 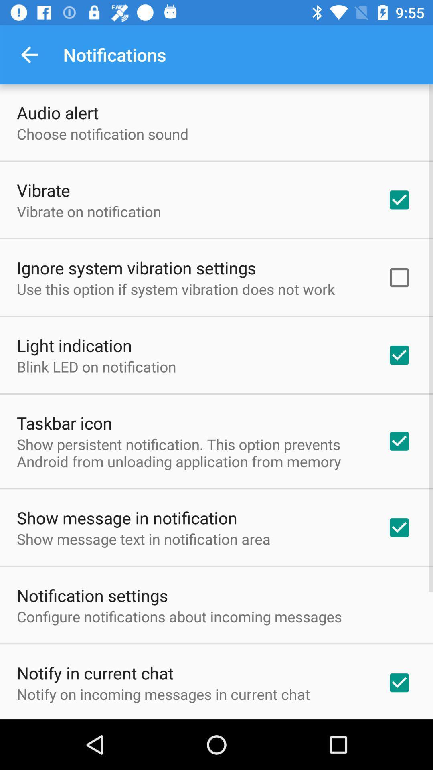 What do you see at coordinates (163, 694) in the screenshot?
I see `notify on incoming` at bounding box center [163, 694].